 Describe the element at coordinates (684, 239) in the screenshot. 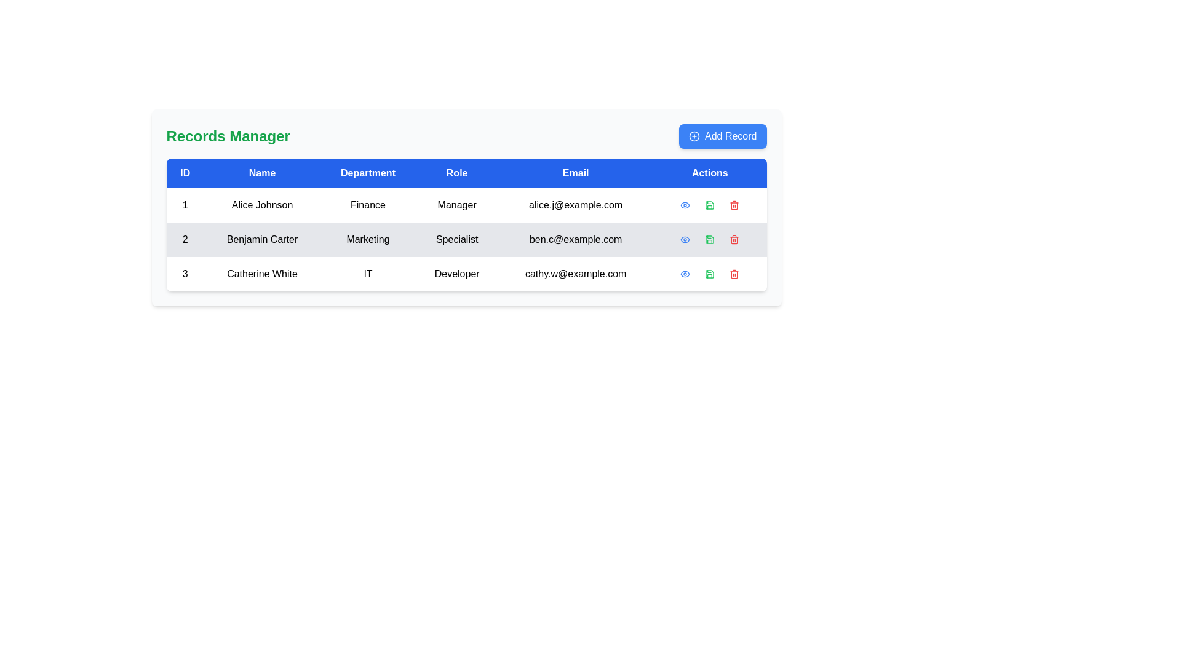

I see `the eye icon button in the 'Actions' column for the 'Specialist' entry corresponding to Benjamin Carter` at that location.